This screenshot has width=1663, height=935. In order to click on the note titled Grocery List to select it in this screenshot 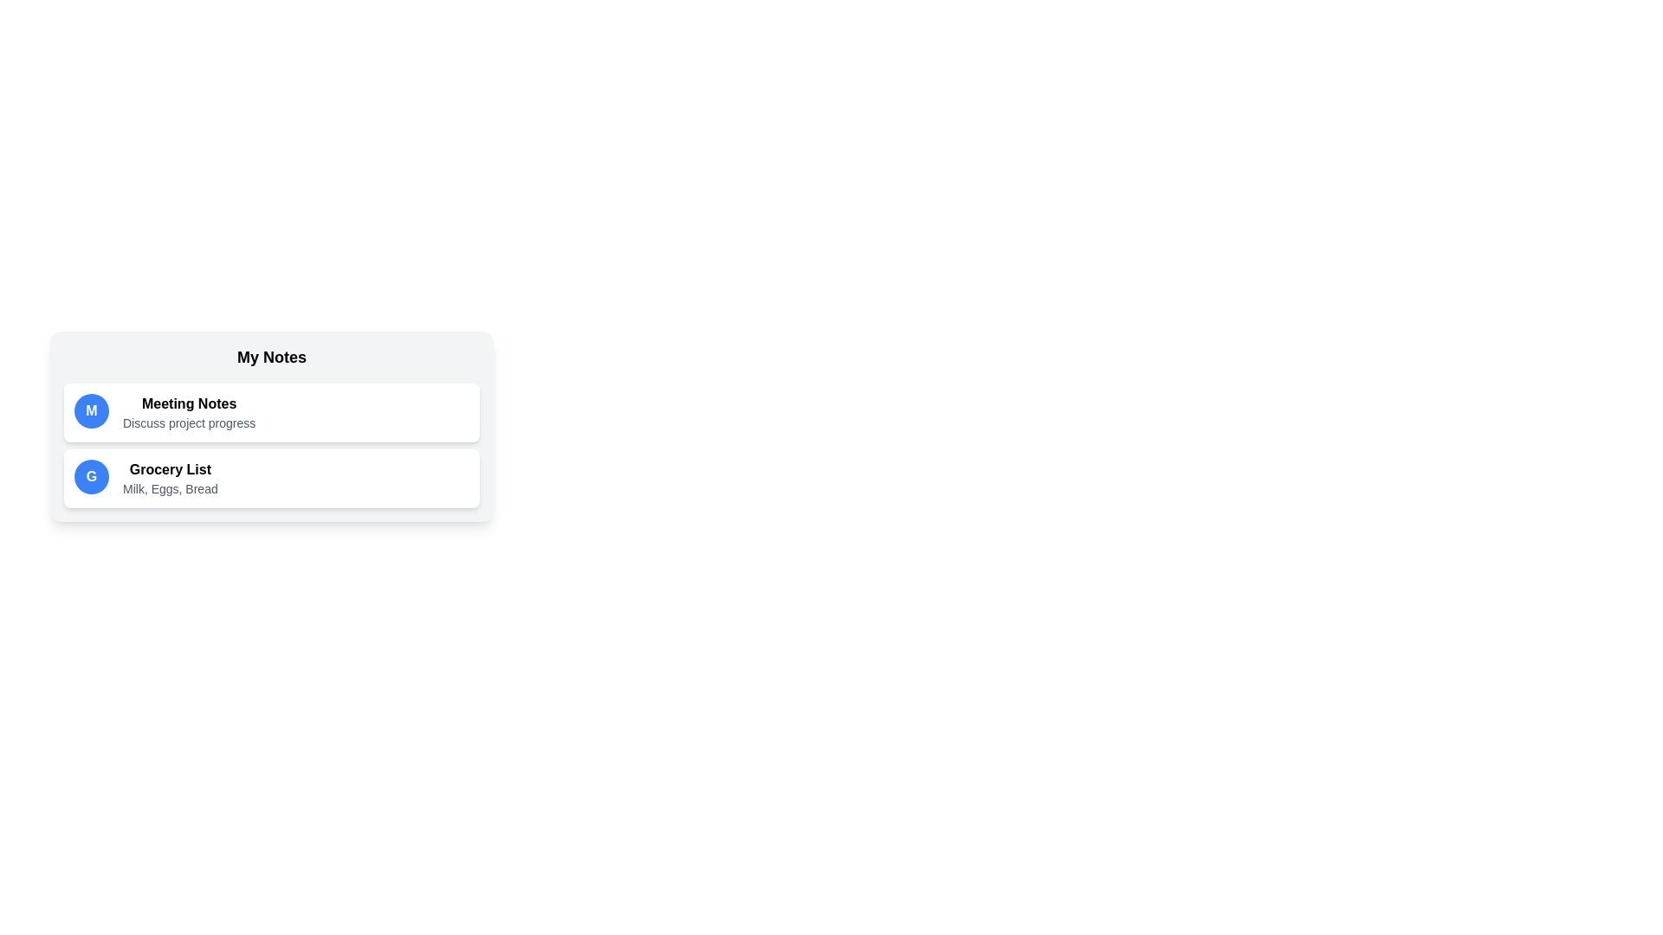, I will do `click(270, 478)`.